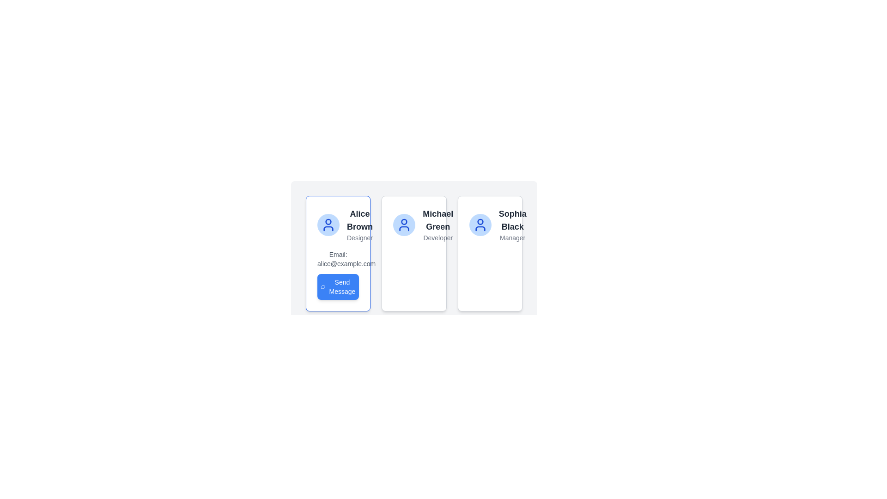 The image size is (887, 499). Describe the element at coordinates (437, 220) in the screenshot. I see `the text block displaying the name 'Michael Green' which is part of a card-like UI component located at the top section of the middle card` at that location.